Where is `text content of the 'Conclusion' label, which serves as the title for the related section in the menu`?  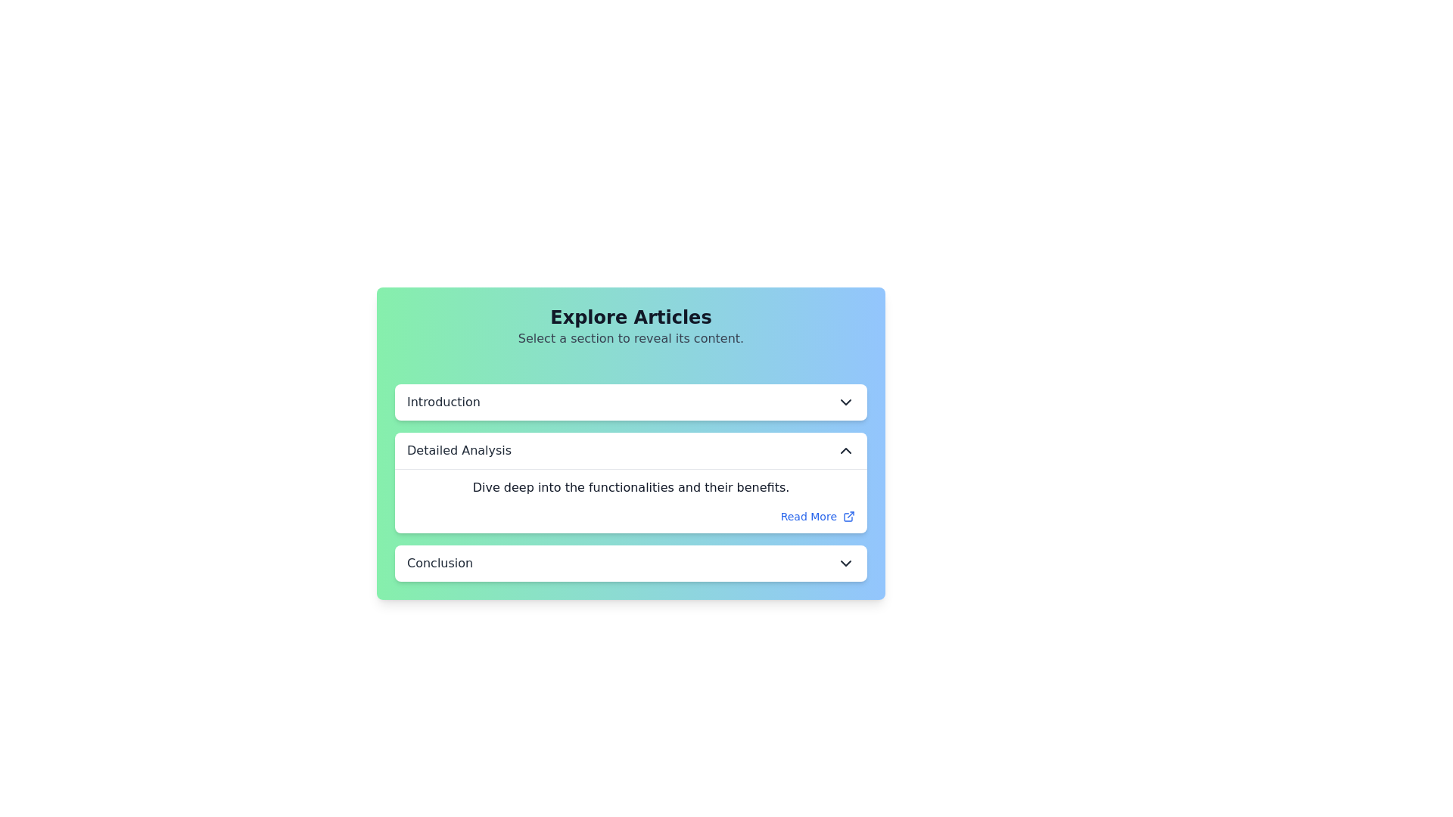
text content of the 'Conclusion' label, which serves as the title for the related section in the menu is located at coordinates (439, 563).